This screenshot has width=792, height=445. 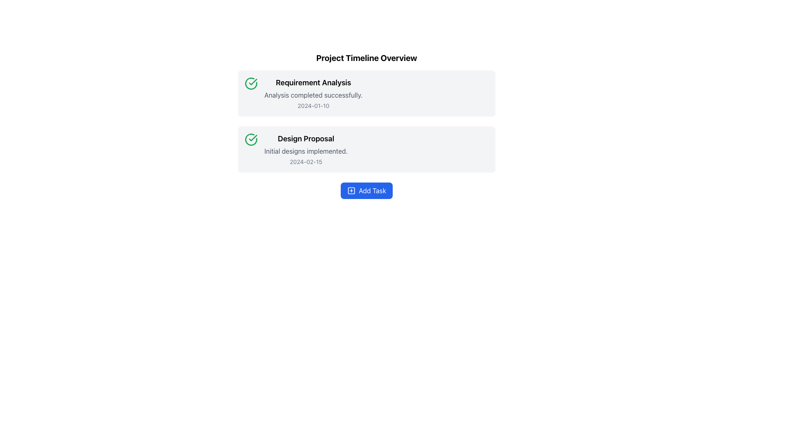 I want to click on the 'Add Task' button with a blue background and white text, so click(x=366, y=190).